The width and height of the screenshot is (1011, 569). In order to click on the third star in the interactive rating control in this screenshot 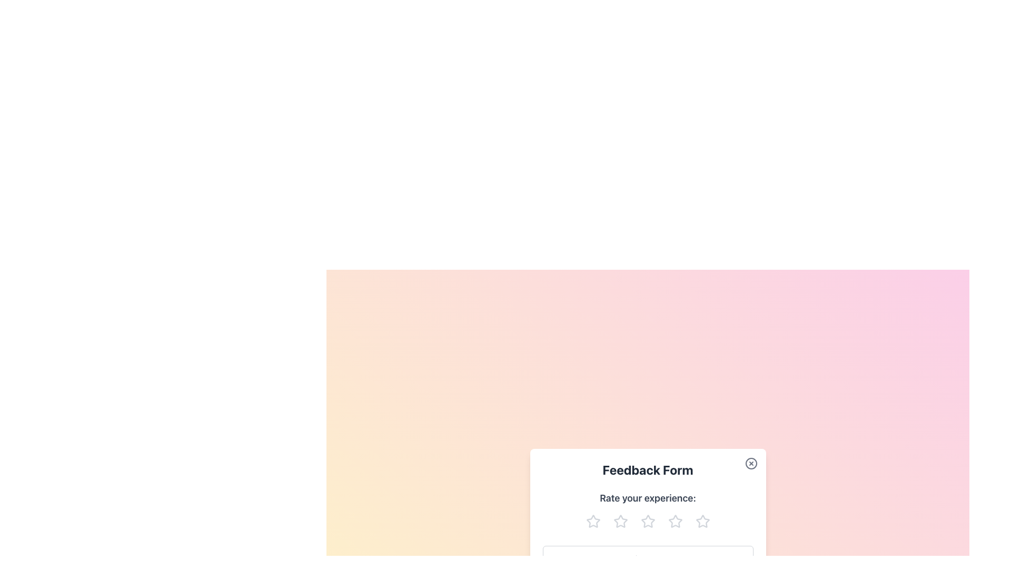, I will do `click(647, 522)`.